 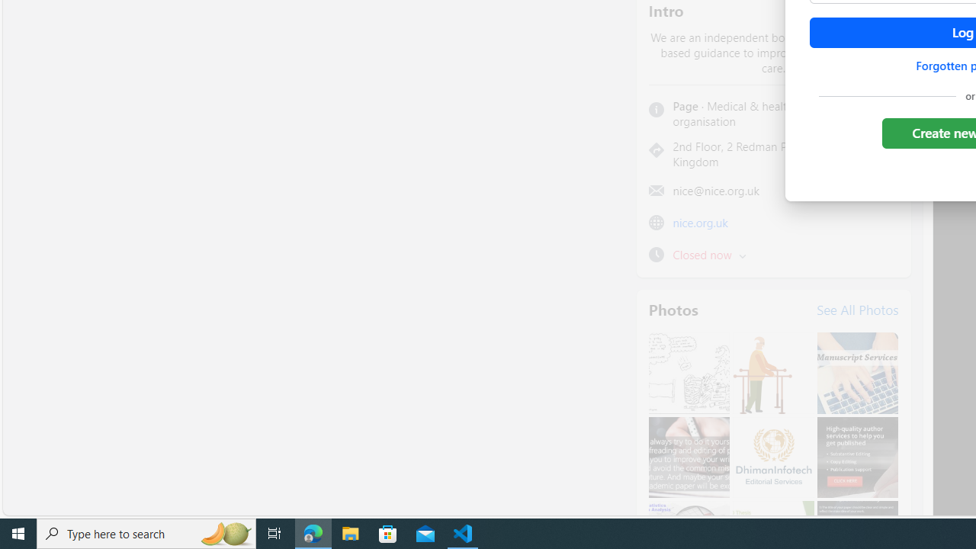 What do you see at coordinates (274, 532) in the screenshot?
I see `'Task View'` at bounding box center [274, 532].